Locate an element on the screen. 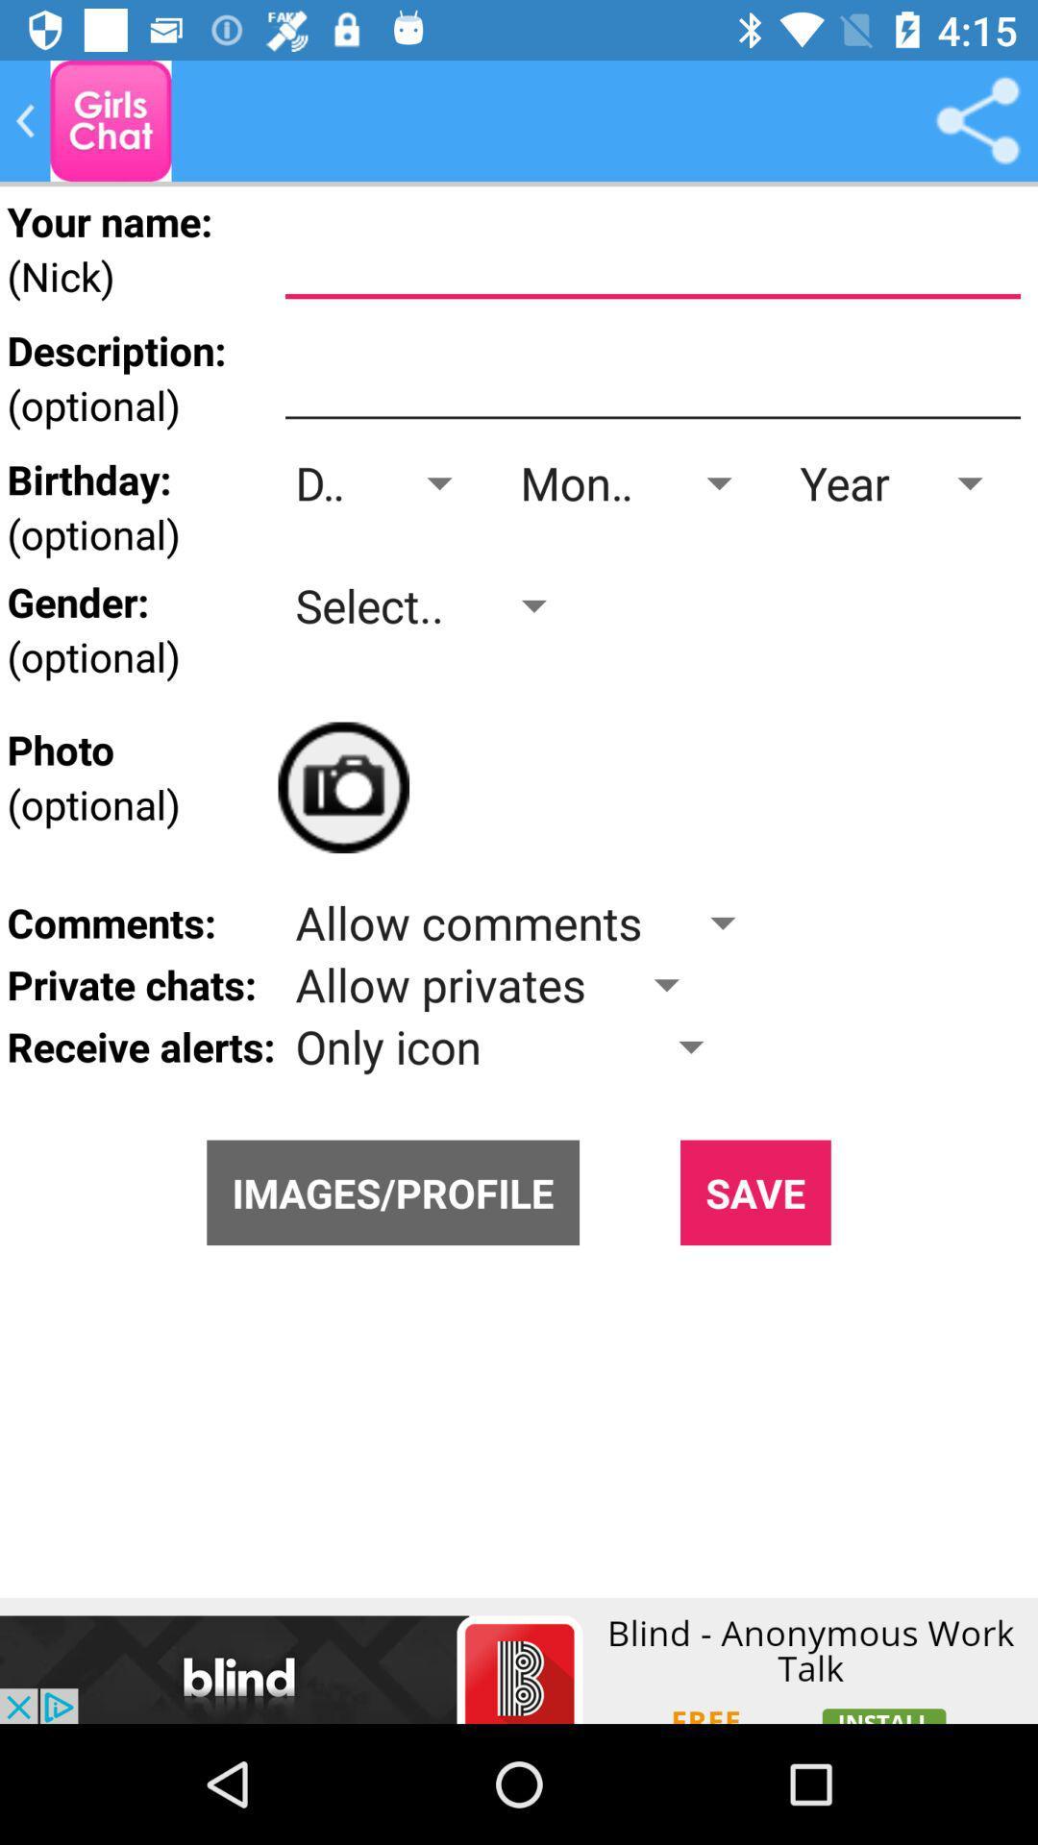 The height and width of the screenshot is (1845, 1038). name is located at coordinates (652, 254).